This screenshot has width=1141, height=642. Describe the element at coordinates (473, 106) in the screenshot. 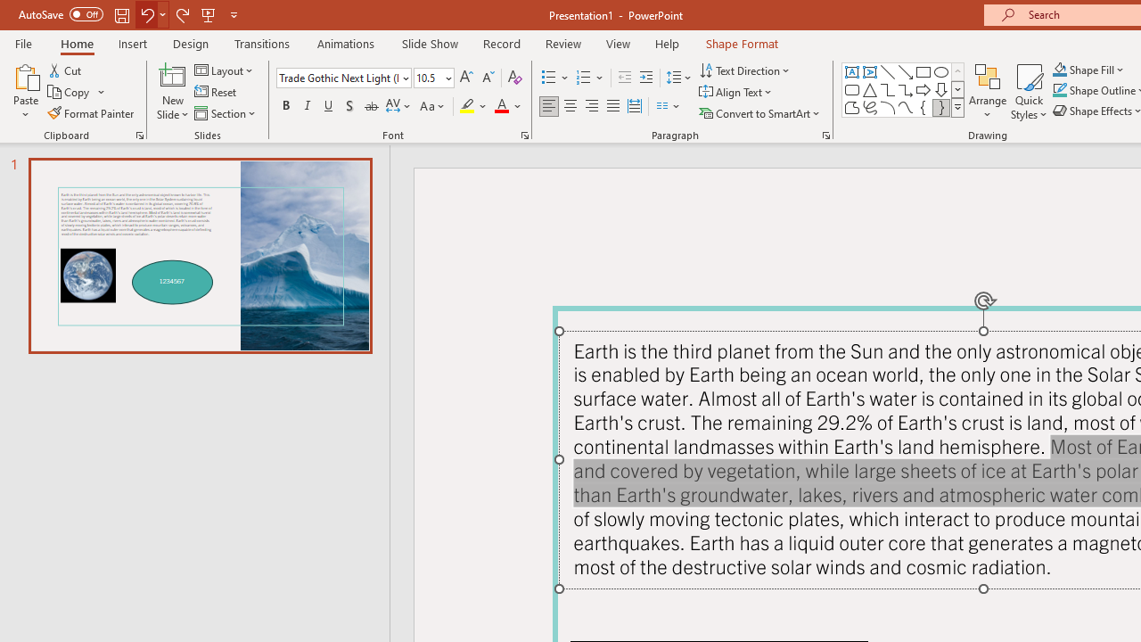

I see `'Text Highlight Color'` at that location.